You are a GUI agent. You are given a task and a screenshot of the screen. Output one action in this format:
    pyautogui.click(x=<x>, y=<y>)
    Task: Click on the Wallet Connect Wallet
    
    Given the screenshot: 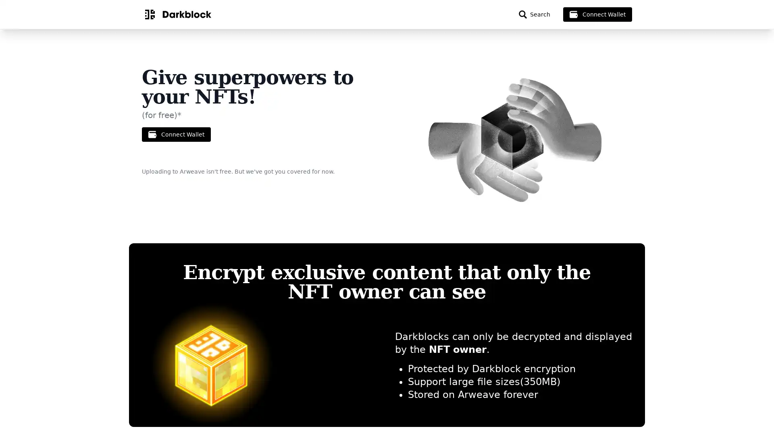 What is the action you would take?
    pyautogui.click(x=597, y=14)
    